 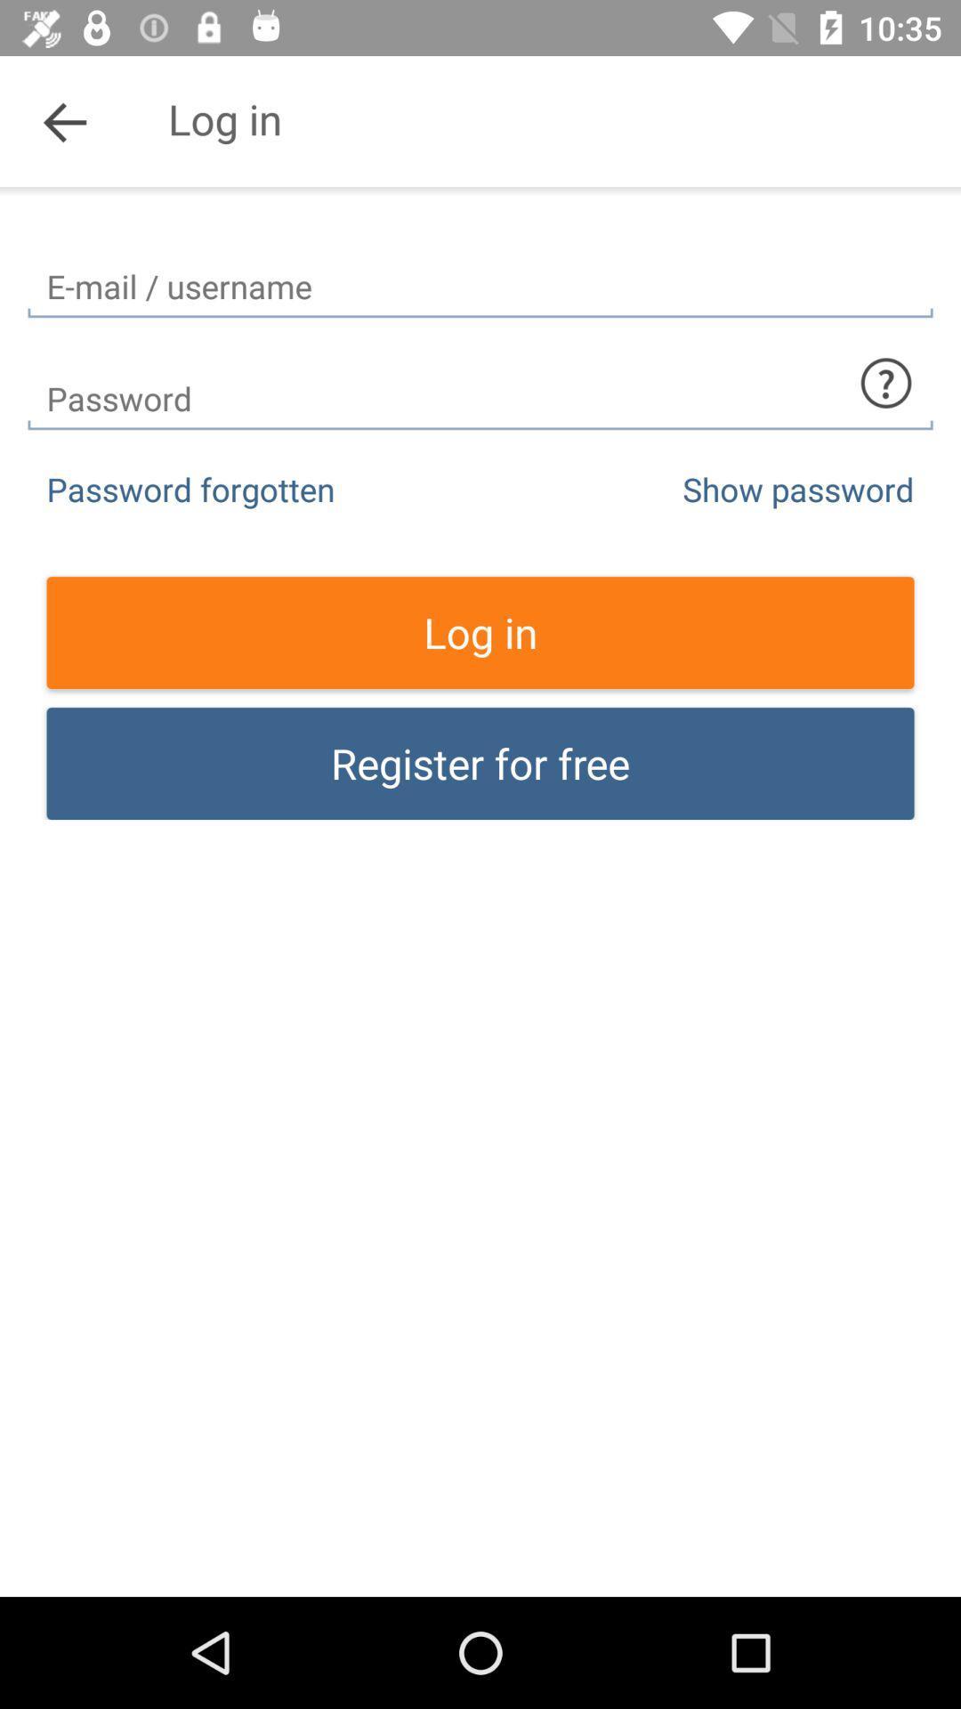 I want to click on your password, so click(x=480, y=382).